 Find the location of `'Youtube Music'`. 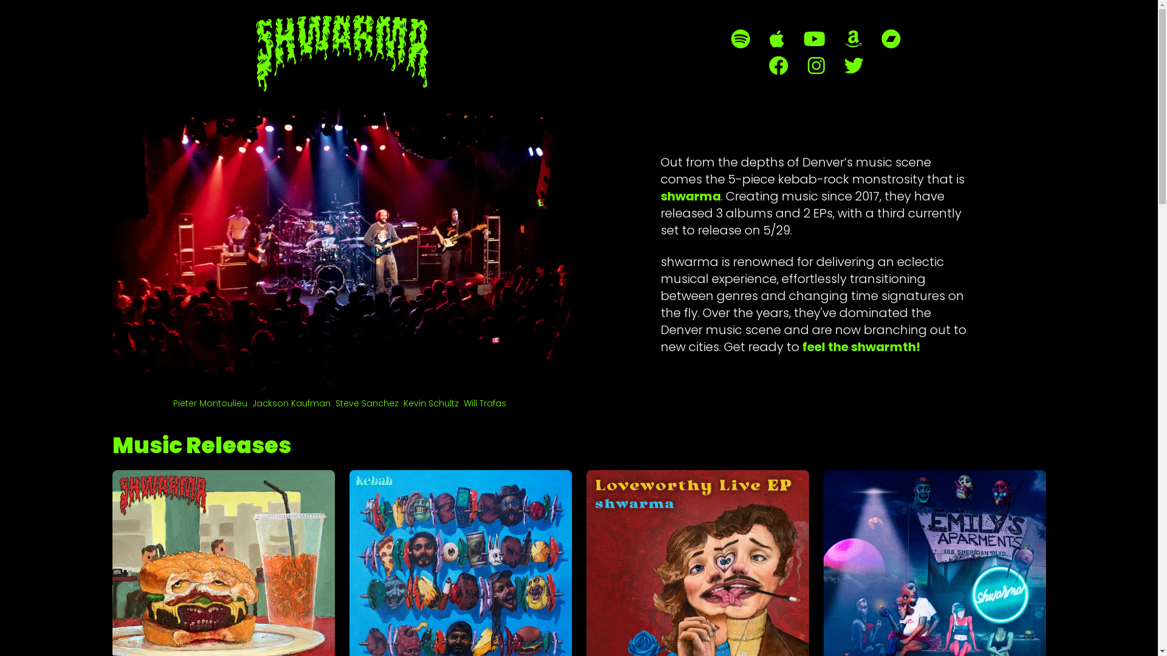

'Youtube Music' is located at coordinates (814, 38).